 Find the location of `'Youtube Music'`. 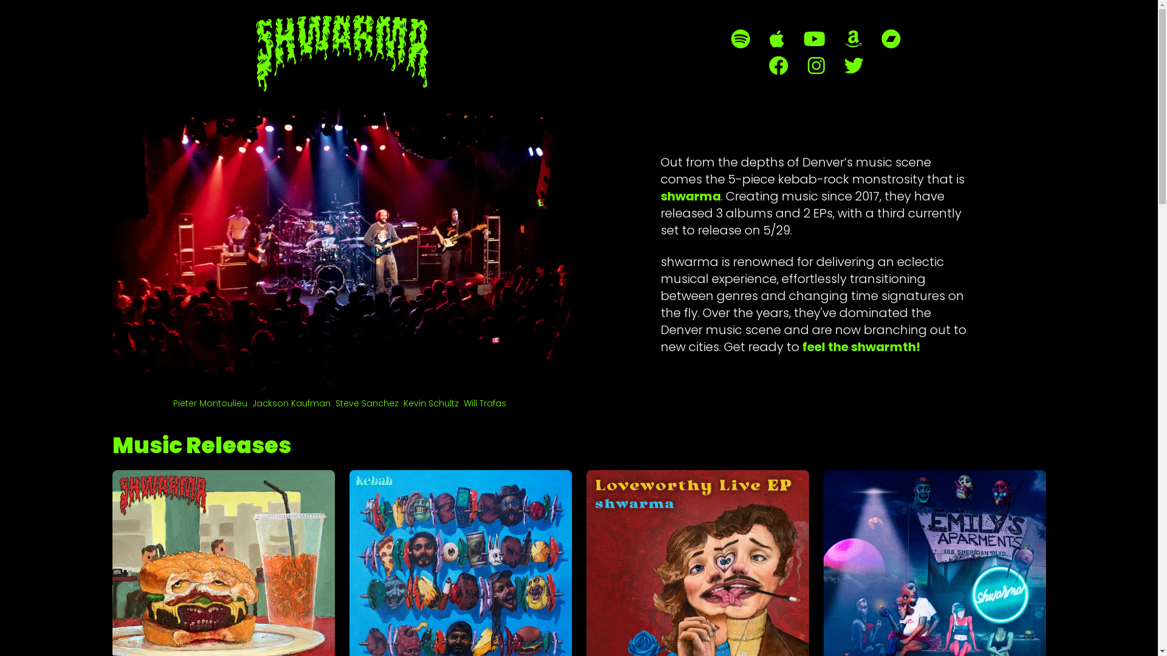

'Youtube Music' is located at coordinates (814, 38).